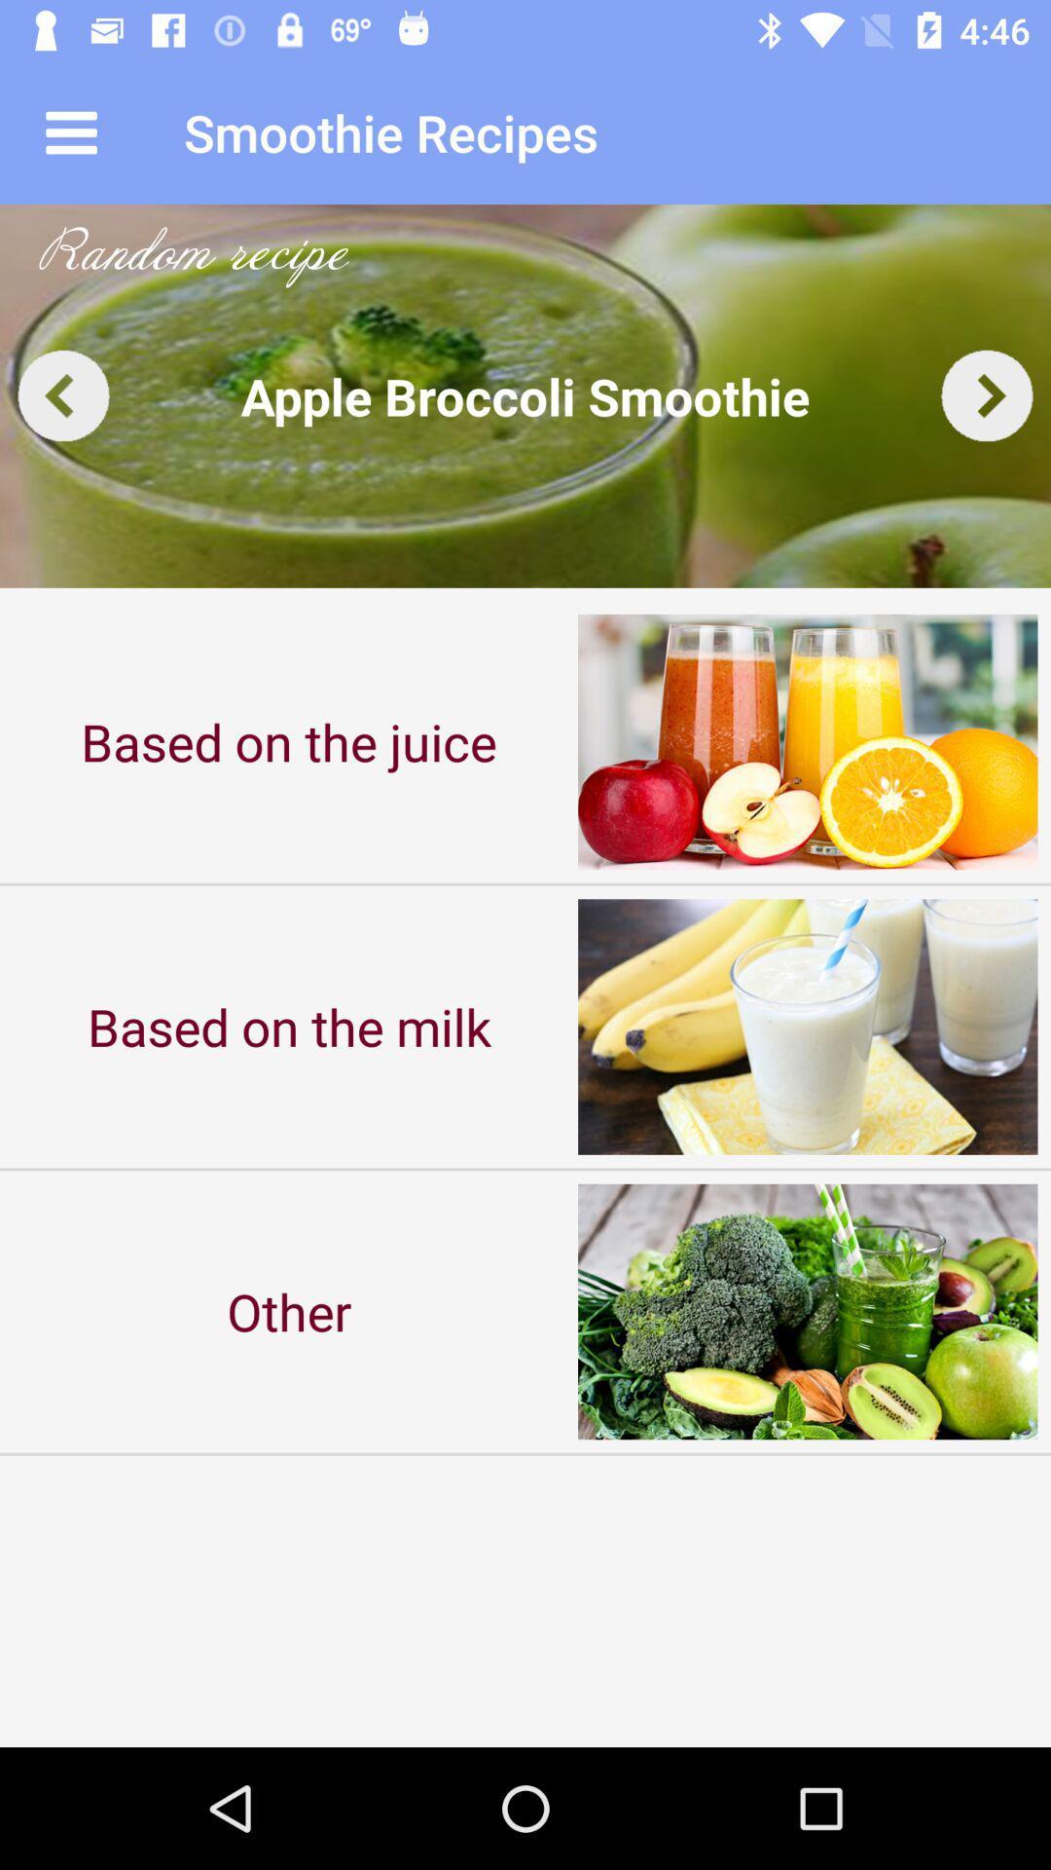 The height and width of the screenshot is (1870, 1051). I want to click on previous slide, so click(62, 394).